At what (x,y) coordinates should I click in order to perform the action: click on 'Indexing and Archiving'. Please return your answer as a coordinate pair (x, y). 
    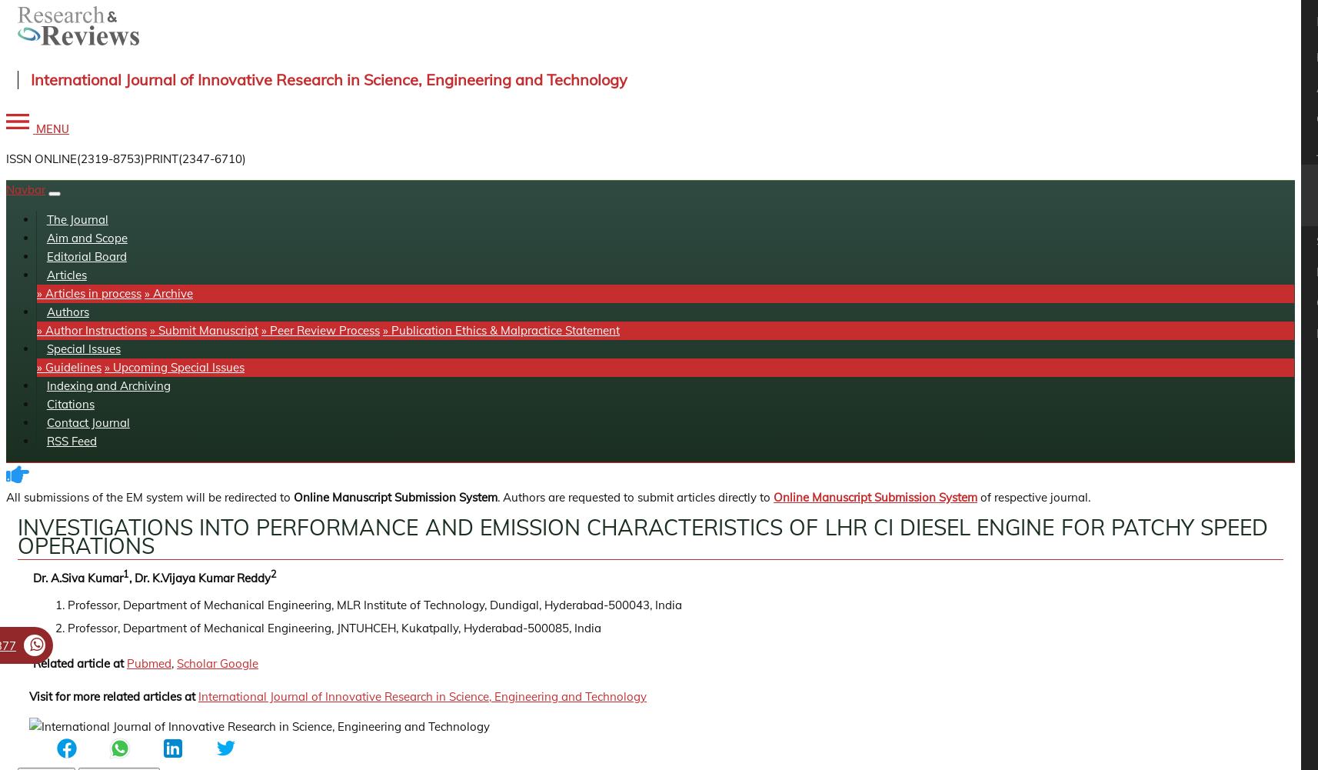
    Looking at the image, I should click on (107, 385).